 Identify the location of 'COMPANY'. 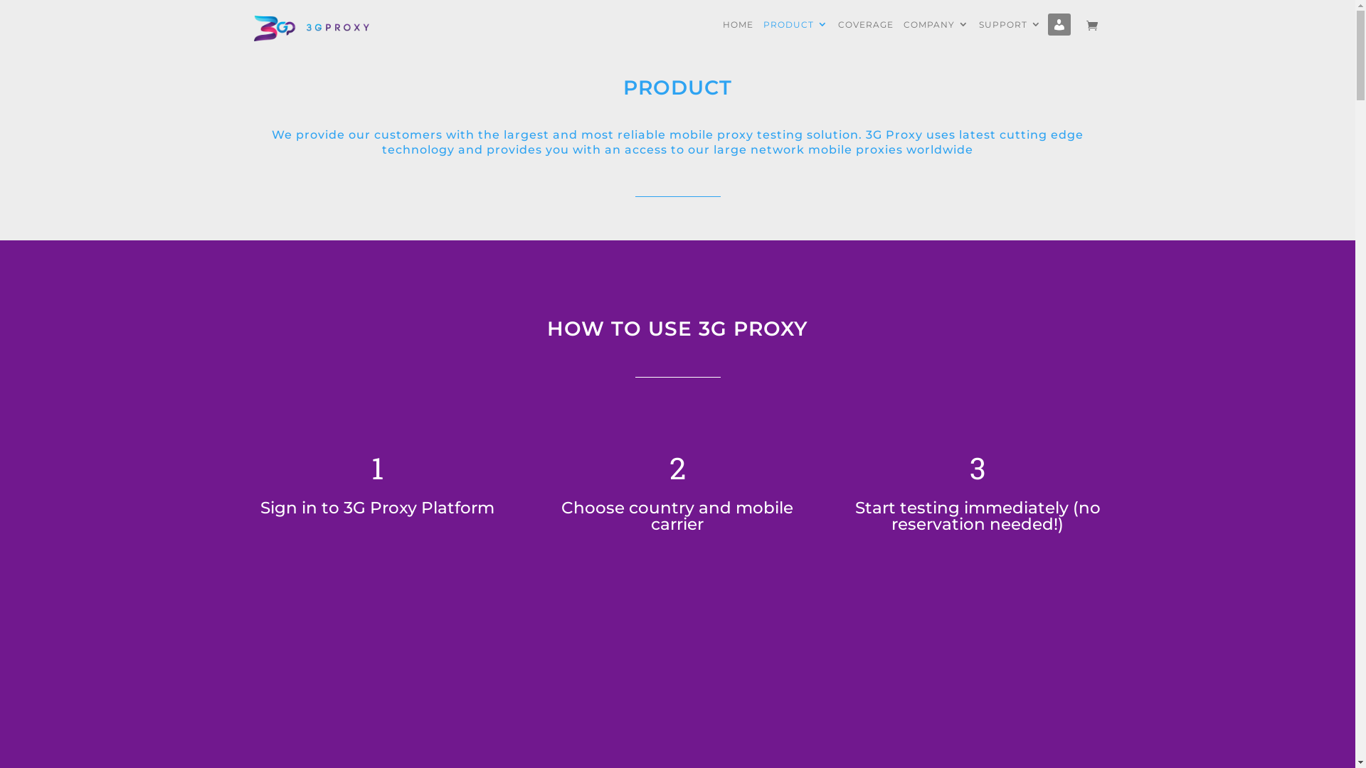
(936, 34).